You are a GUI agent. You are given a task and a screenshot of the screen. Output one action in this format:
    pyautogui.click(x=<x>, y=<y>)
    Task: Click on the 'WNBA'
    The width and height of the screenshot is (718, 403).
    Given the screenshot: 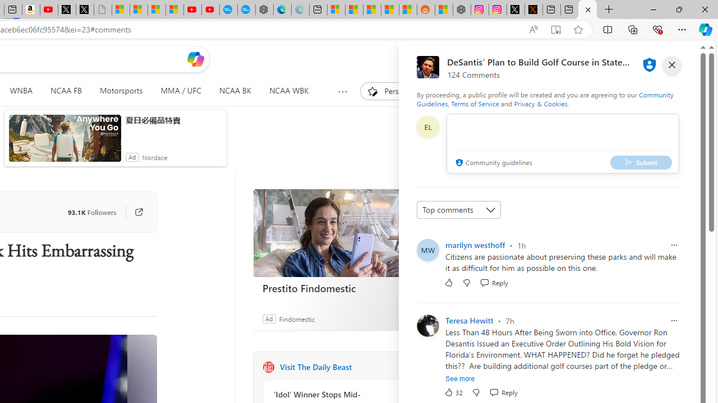 What is the action you would take?
    pyautogui.click(x=21, y=91)
    